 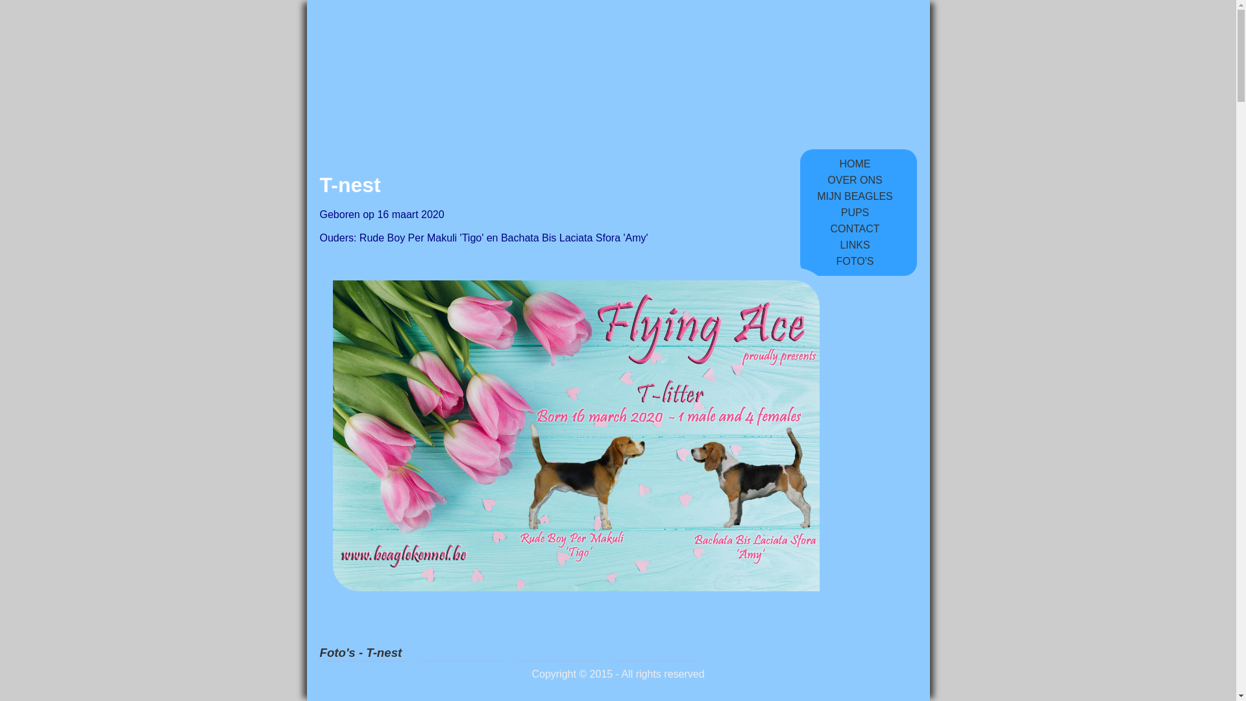 What do you see at coordinates (854, 163) in the screenshot?
I see `'HOME'` at bounding box center [854, 163].